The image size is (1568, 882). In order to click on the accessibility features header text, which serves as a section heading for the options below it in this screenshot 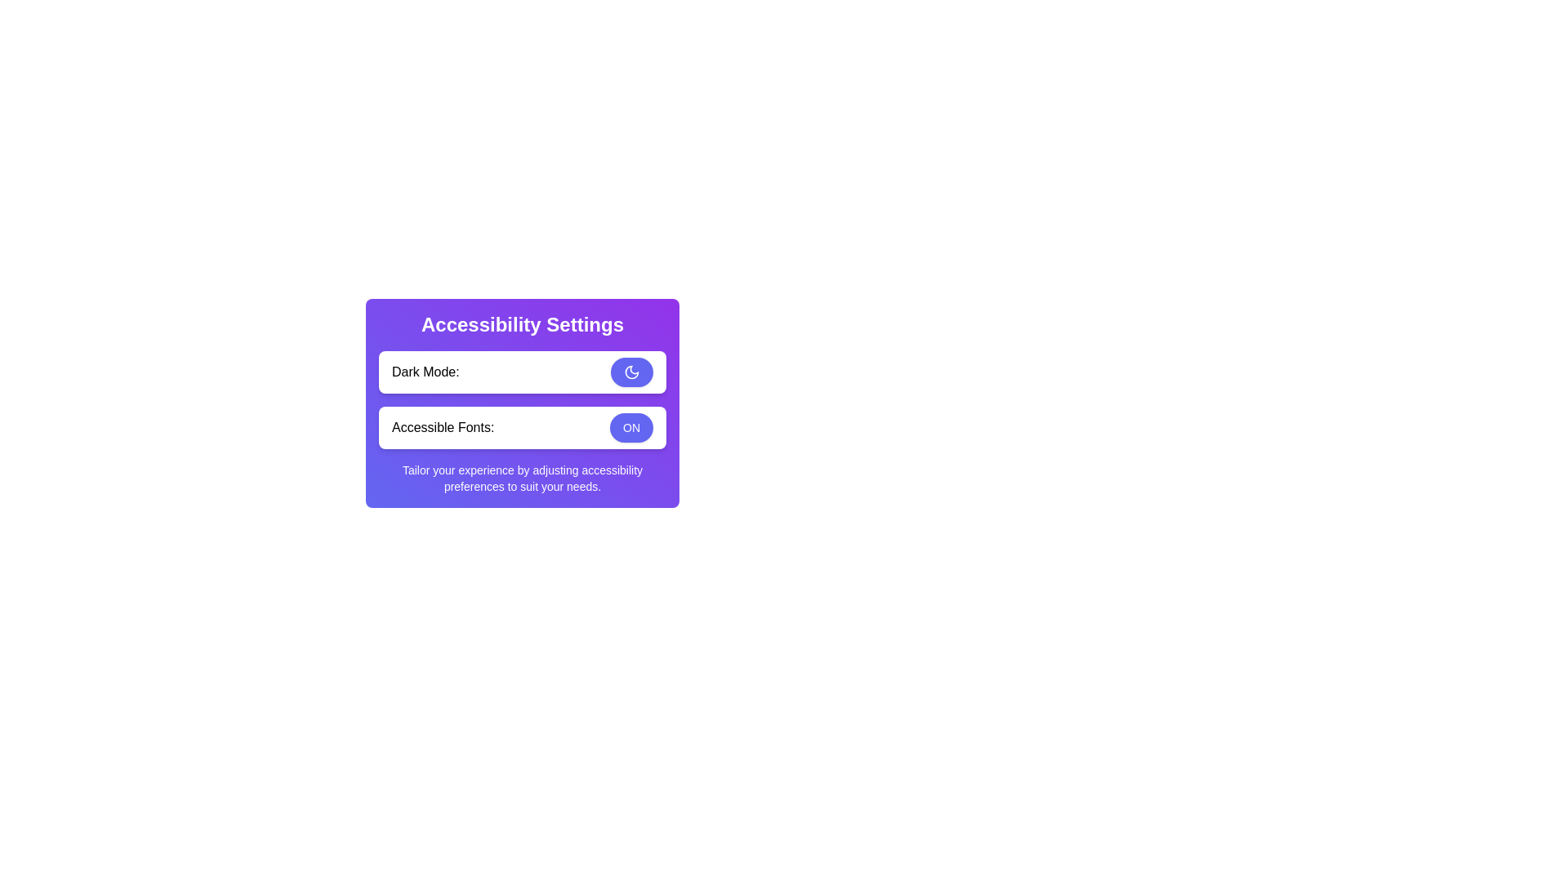, I will do `click(521, 324)`.